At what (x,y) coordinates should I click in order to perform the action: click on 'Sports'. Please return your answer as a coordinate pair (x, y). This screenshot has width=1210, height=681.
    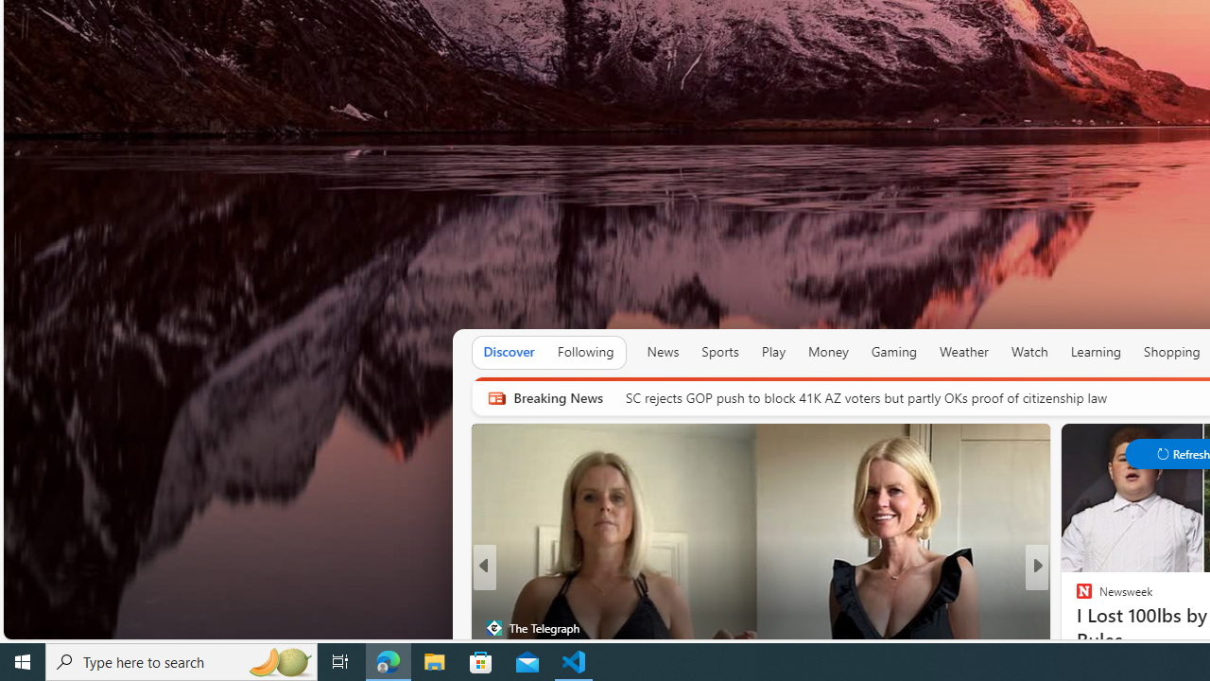
    Looking at the image, I should click on (718, 352).